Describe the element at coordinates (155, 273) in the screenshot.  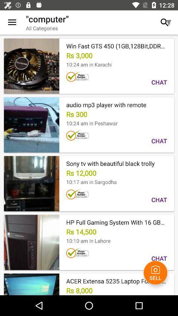
I see `icon to the right of the rs 8,000 item` at that location.